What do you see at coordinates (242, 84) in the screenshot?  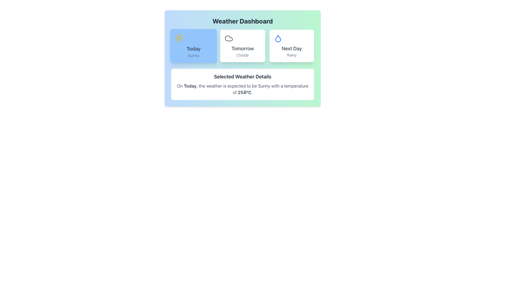 I see `displayed weather details from the informational text section located below the weather forecast cards on the Weather Dashboard` at bounding box center [242, 84].